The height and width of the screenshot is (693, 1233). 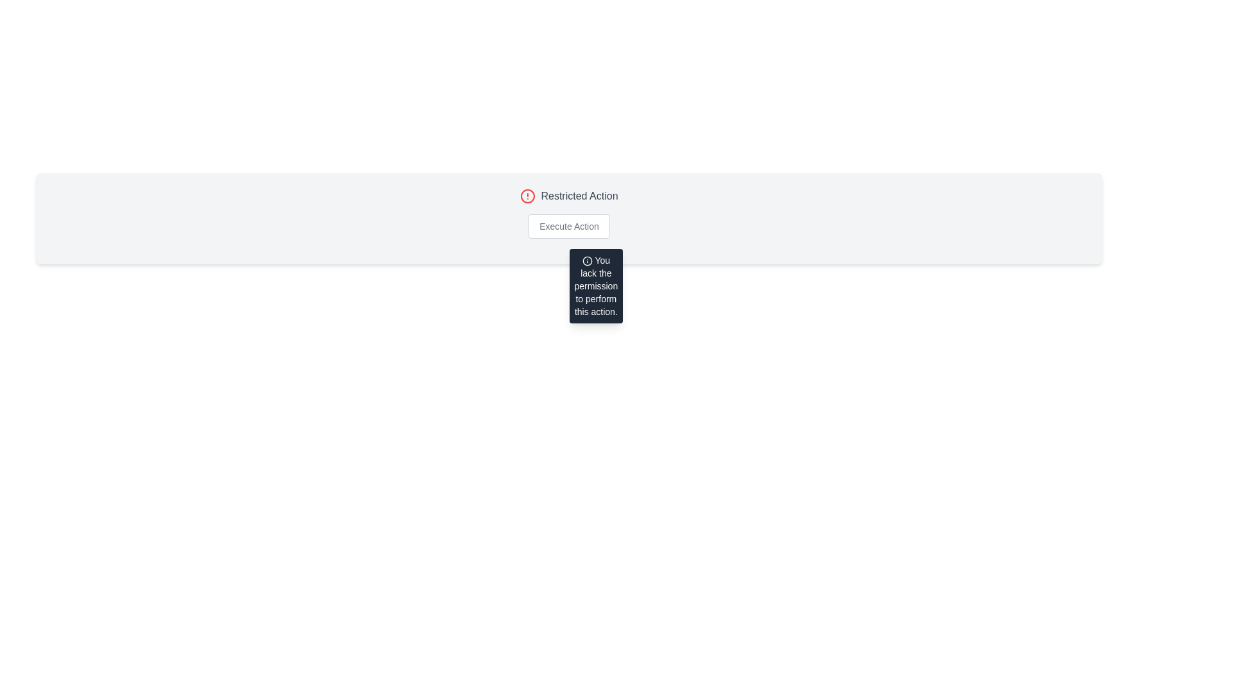 I want to click on the disabled button located beneath the 'Restricted Action' text, indicating that the action is not available or permissible, so click(x=568, y=226).